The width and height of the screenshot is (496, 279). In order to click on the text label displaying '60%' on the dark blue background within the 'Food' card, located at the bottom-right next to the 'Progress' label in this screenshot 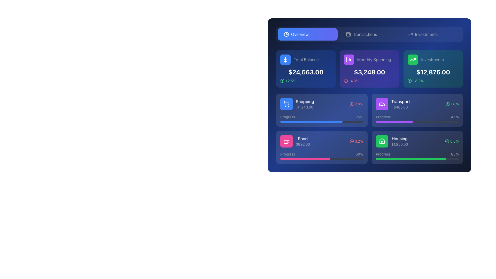, I will do `click(359, 154)`.